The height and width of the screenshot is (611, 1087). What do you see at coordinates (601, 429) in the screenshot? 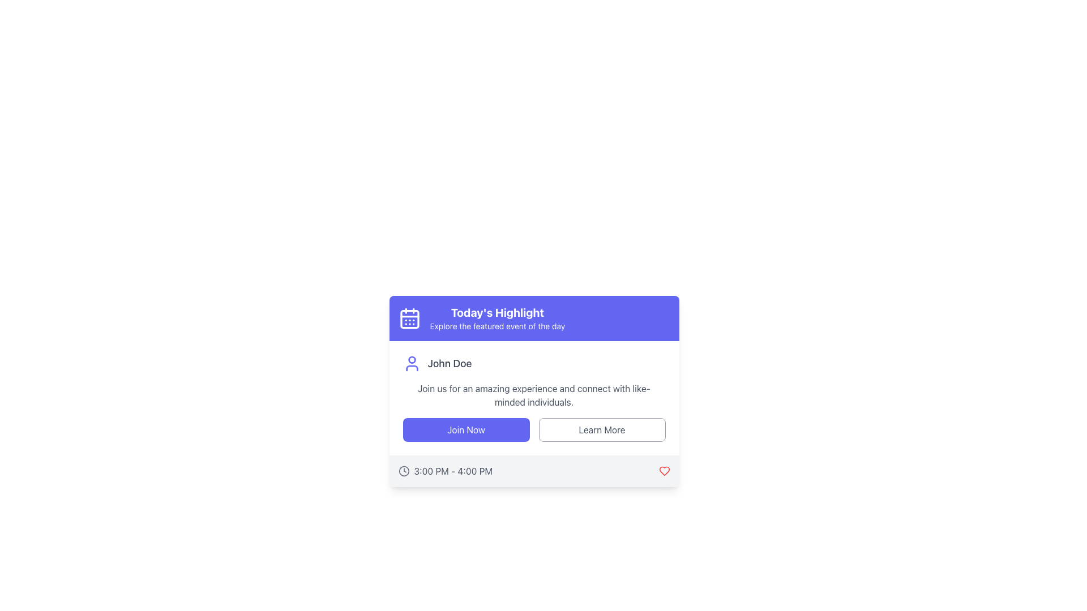
I see `the informational button located to the right of the 'Join Now' button` at bounding box center [601, 429].